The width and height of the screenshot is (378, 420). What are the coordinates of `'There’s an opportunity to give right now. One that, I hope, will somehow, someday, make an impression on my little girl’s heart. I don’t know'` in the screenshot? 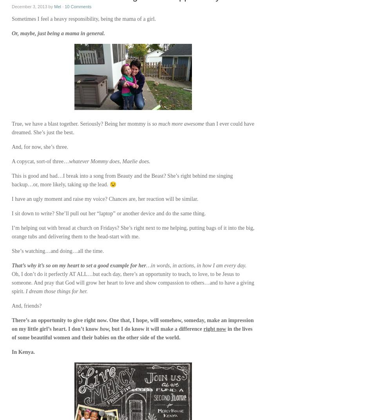 It's located at (132, 324).